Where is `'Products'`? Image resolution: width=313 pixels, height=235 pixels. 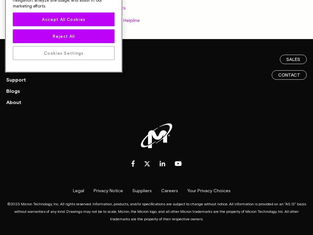 'Products' is located at coordinates (17, 56).